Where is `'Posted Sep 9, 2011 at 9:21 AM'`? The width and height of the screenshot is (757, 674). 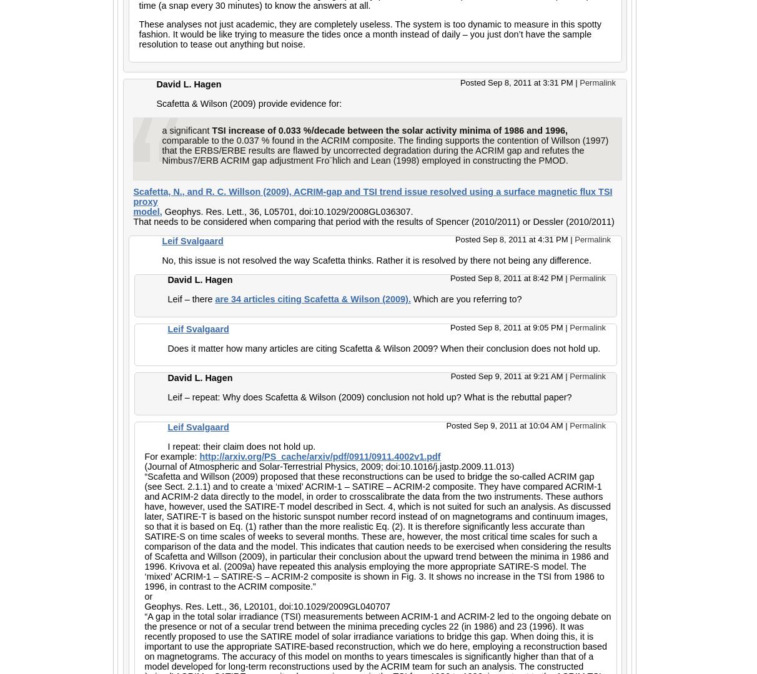
'Posted Sep 9, 2011 at 9:21 AM' is located at coordinates (507, 376).